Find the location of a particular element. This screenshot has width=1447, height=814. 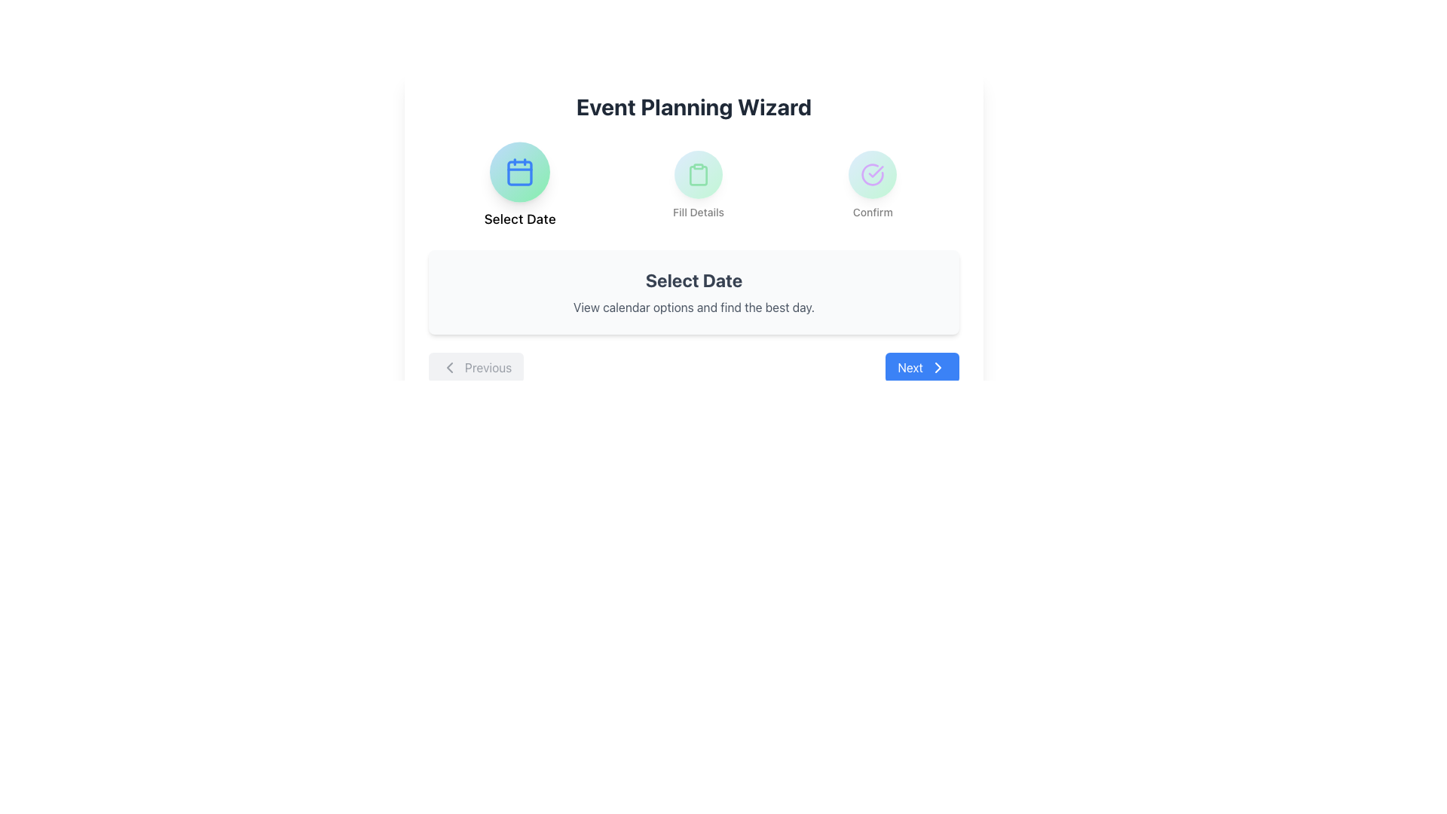

the 'Event Planning Wizard' heading element, which is a bold and large text element located at the top of the interface is located at coordinates (693, 106).